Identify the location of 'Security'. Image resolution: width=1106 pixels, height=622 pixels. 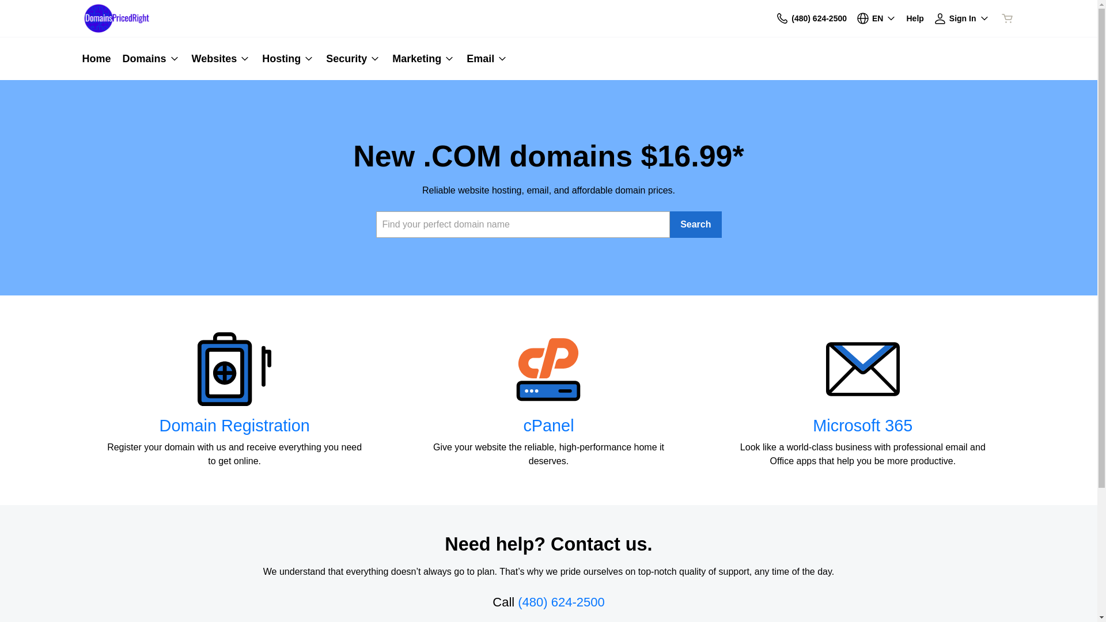
(353, 58).